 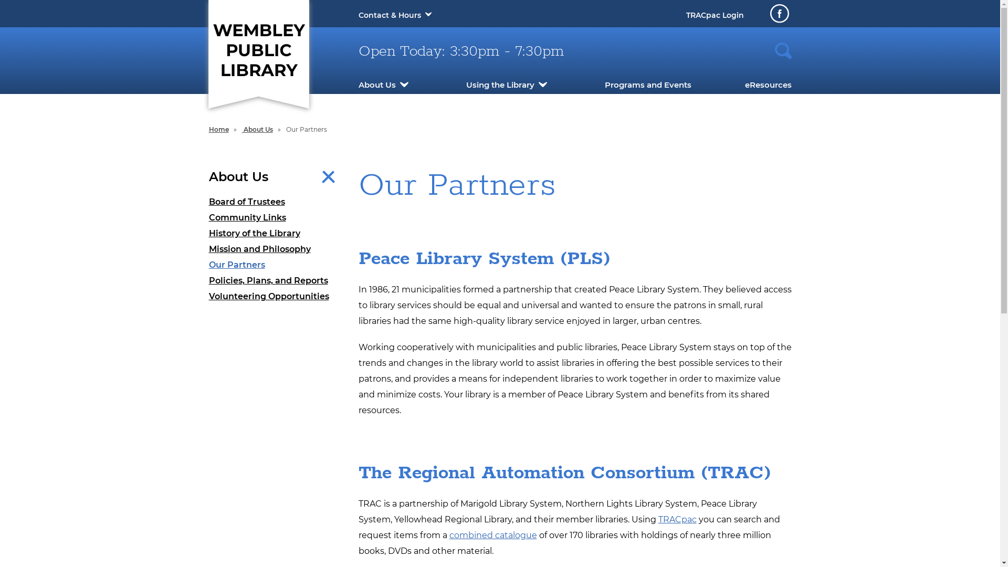 What do you see at coordinates (276, 280) in the screenshot?
I see `'Policies, Plans, and Reports'` at bounding box center [276, 280].